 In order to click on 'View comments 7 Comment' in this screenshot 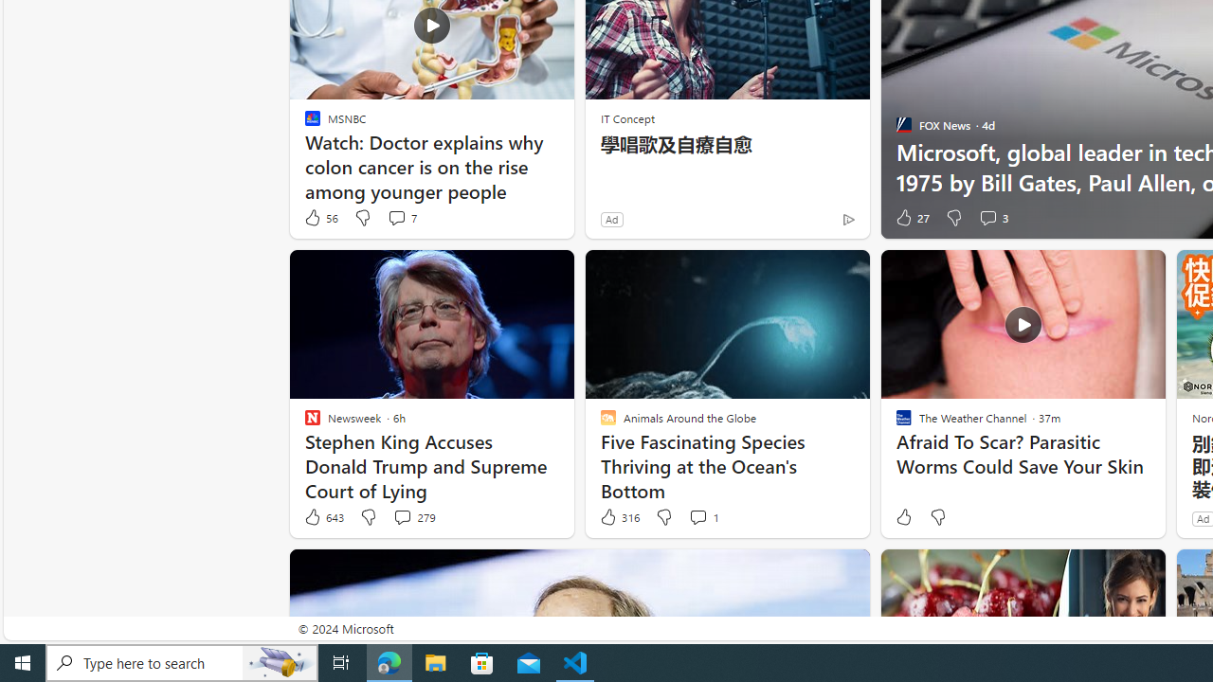, I will do `click(395, 217)`.